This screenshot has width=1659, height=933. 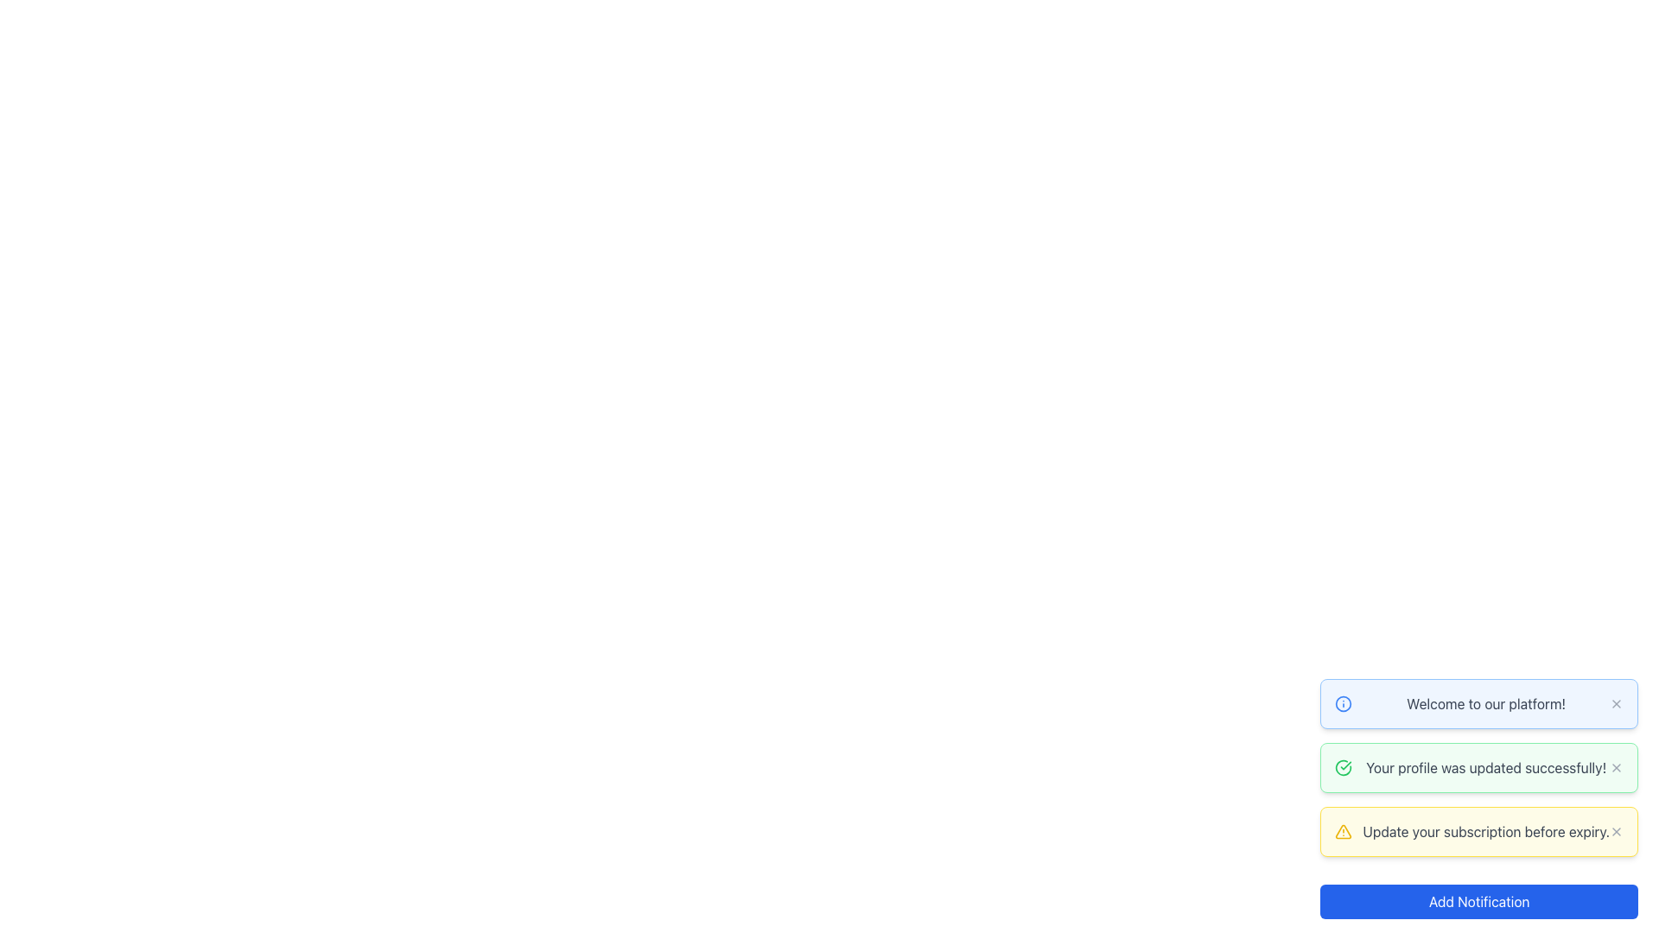 What do you see at coordinates (1616, 703) in the screenshot?
I see `the close button located at the upper-right corner of the notification box that displays 'Welcome to our platform!'` at bounding box center [1616, 703].